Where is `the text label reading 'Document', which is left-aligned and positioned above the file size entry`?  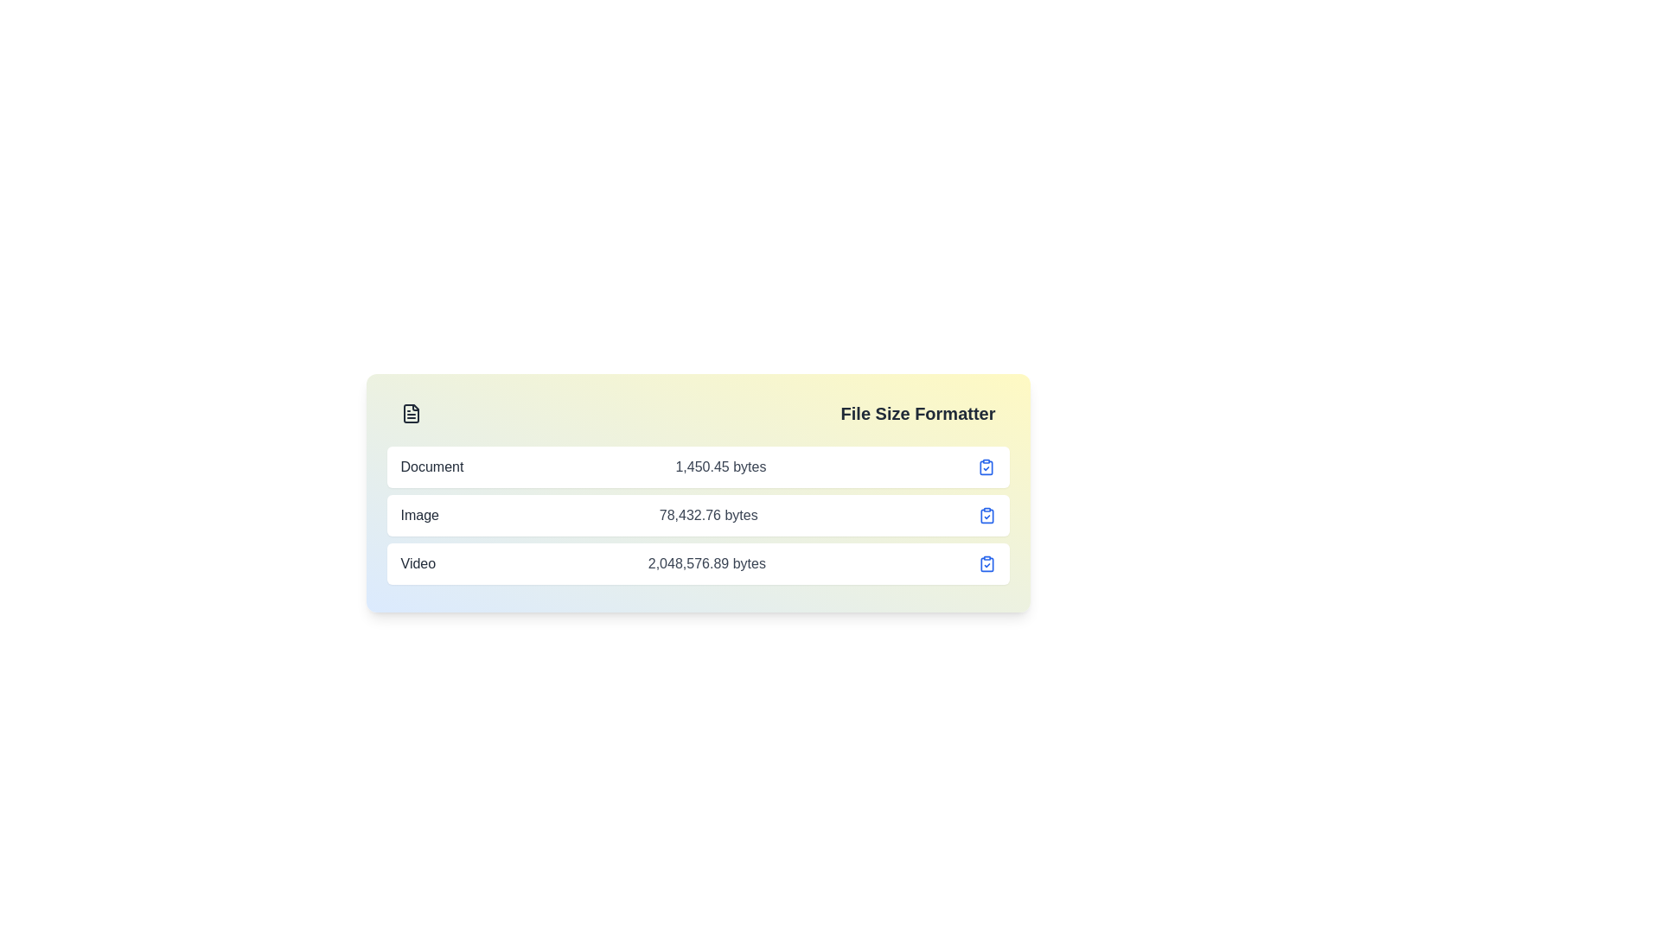
the text label reading 'Document', which is left-aligned and positioned above the file size entry is located at coordinates (431, 466).